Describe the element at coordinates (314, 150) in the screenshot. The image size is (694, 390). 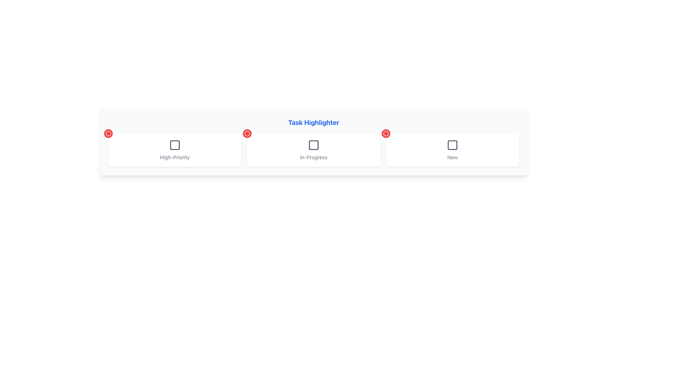
I see `the center of the 'In-Progress' panel, which is a rectangular card with a white background, rounded corners, and a gray square icon` at that location.